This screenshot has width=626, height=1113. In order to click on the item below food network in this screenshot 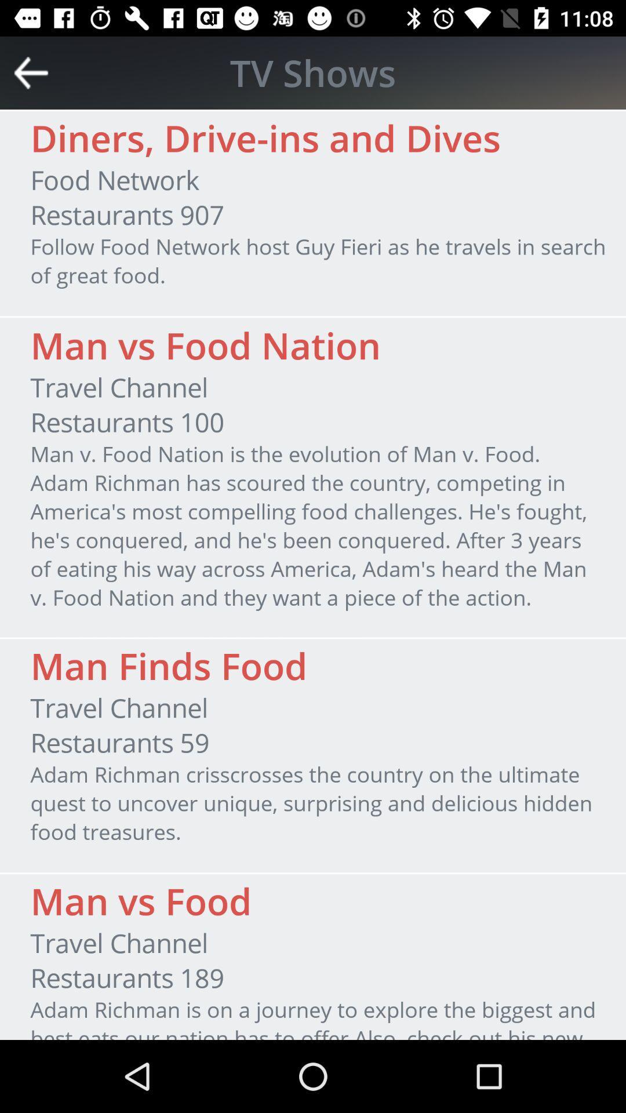, I will do `click(127, 214)`.